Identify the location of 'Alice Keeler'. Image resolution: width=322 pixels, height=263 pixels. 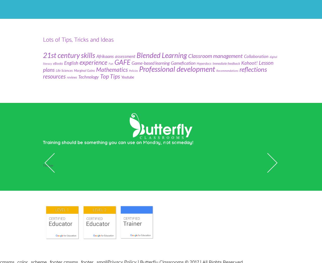
(294, 154).